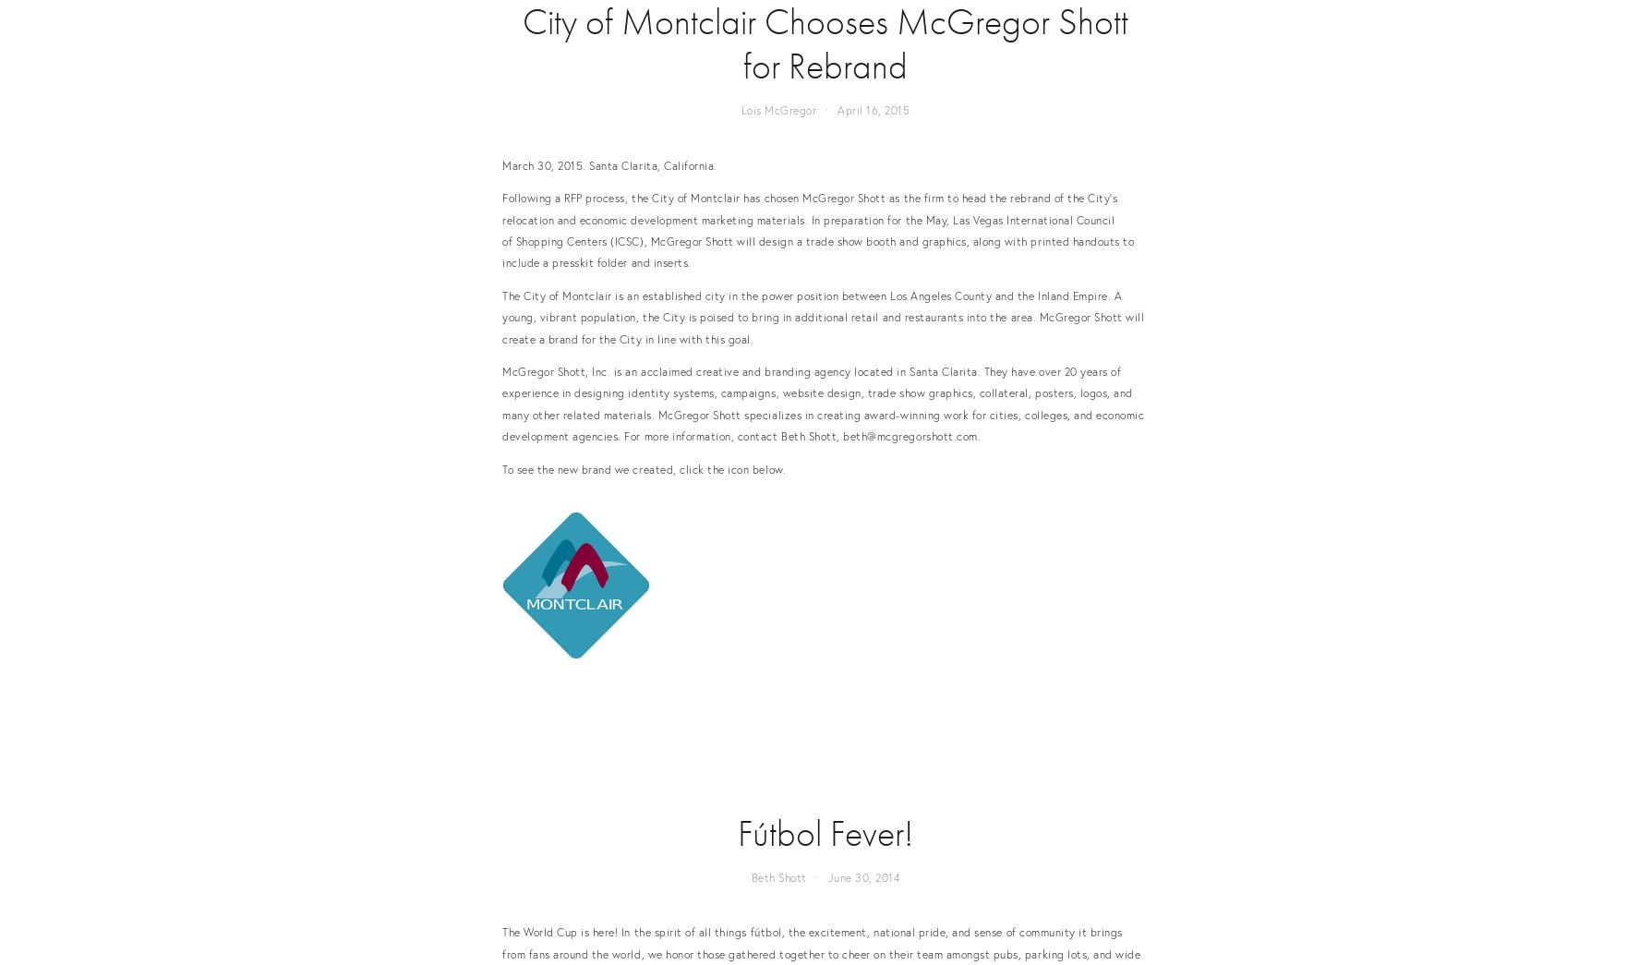 This screenshot has height=965, width=1651. I want to click on 'Lois McGregor', so click(777, 109).